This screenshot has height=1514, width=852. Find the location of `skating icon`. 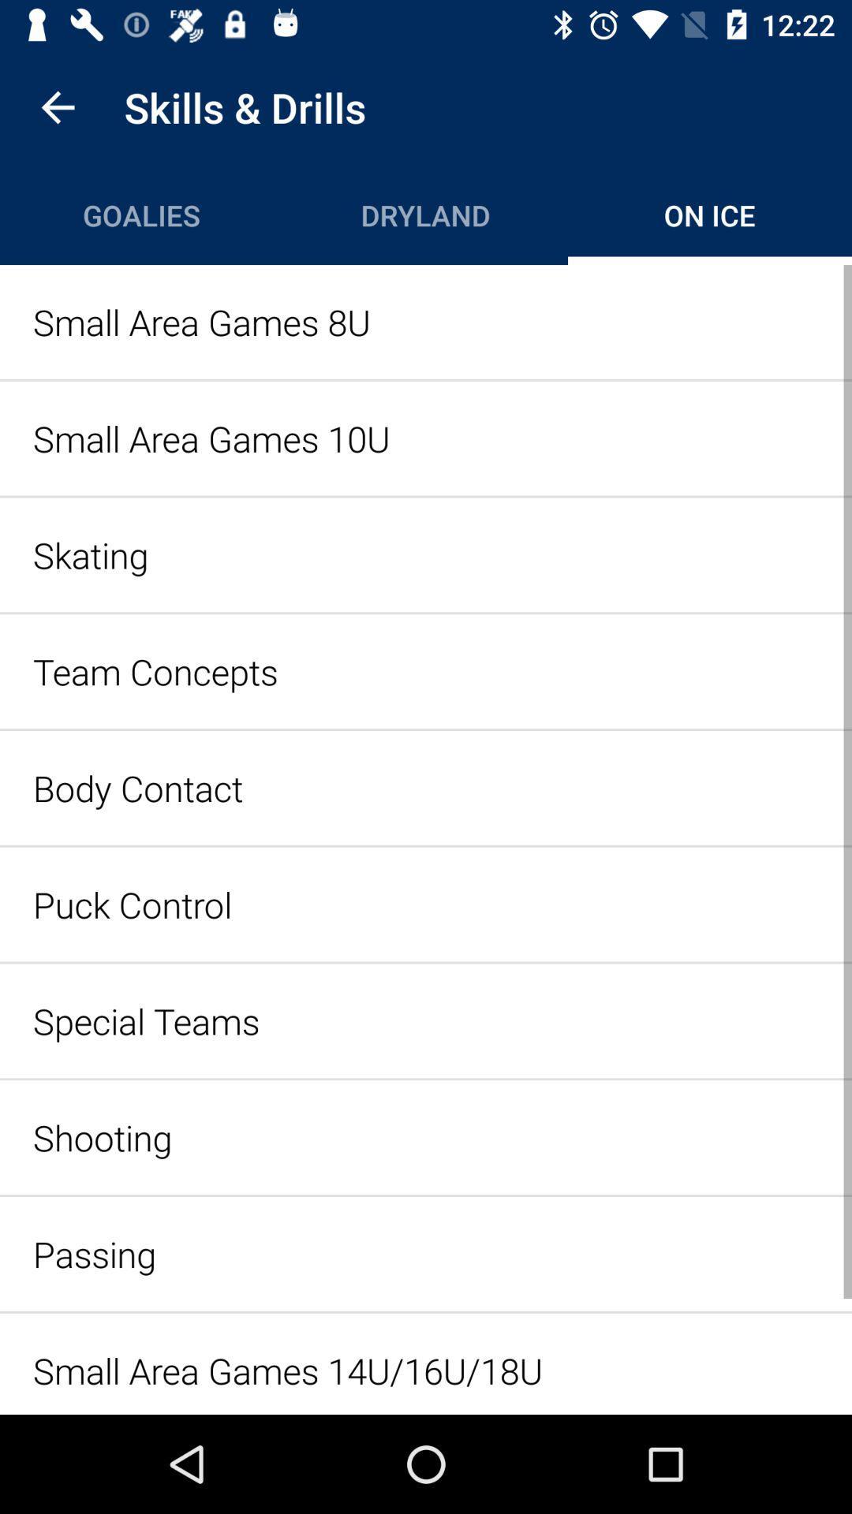

skating icon is located at coordinates (426, 554).